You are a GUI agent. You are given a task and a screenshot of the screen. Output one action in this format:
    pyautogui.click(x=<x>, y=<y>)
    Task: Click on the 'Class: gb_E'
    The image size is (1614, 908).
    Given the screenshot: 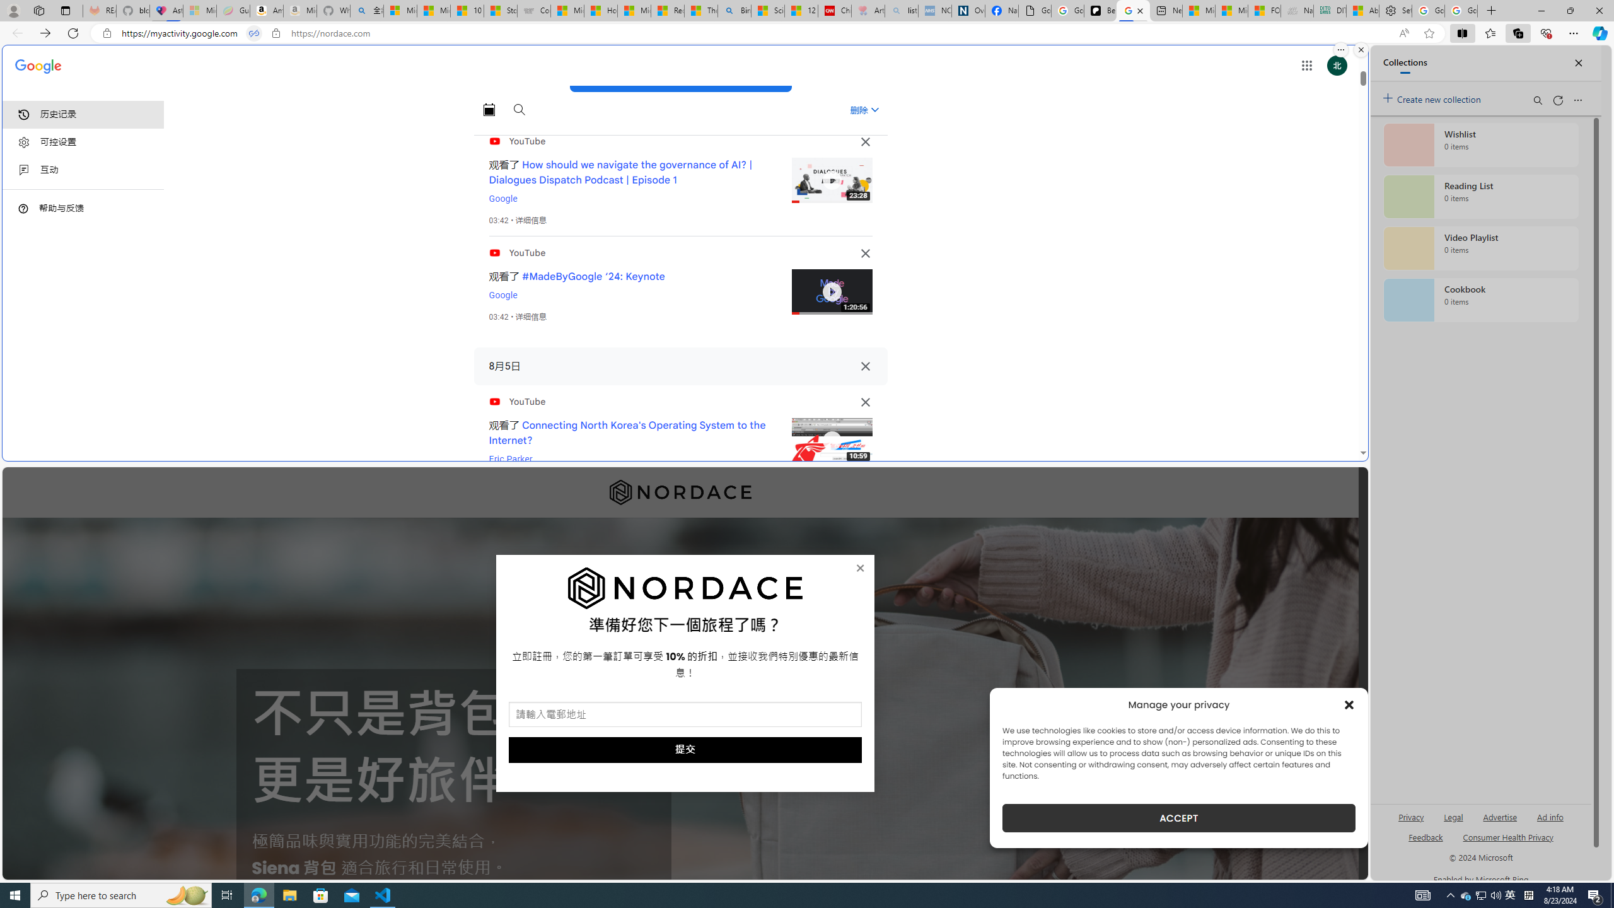 What is the action you would take?
    pyautogui.click(x=1306, y=65)
    